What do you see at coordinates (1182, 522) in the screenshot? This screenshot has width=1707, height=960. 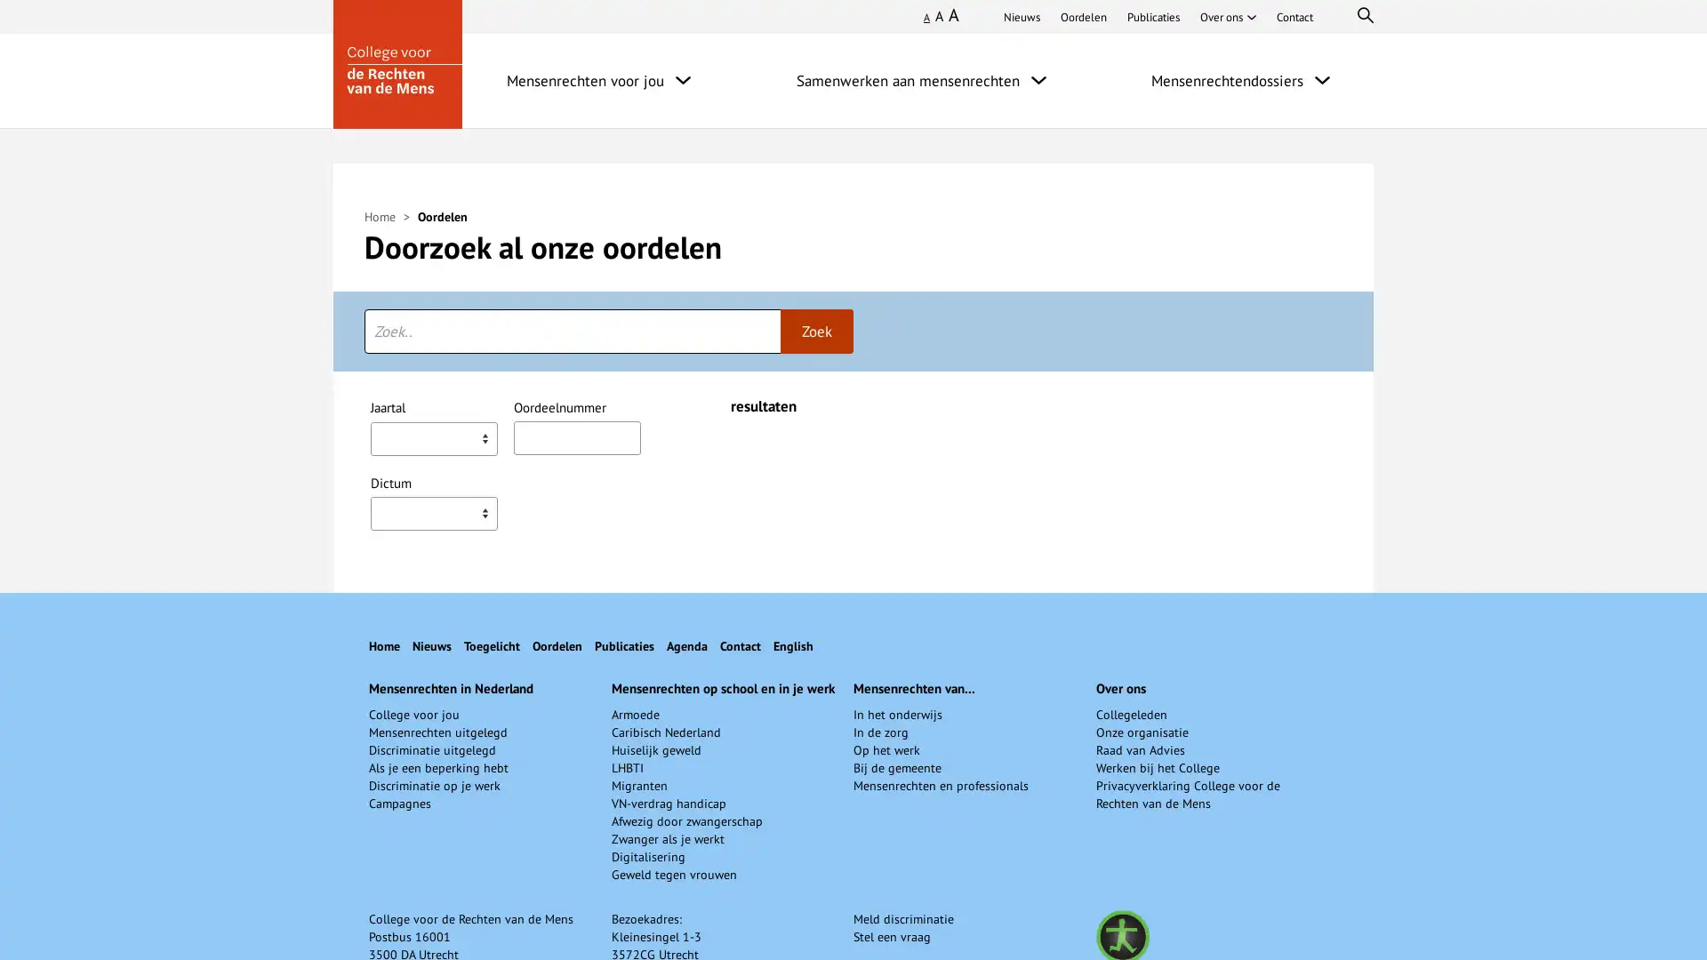 I see `Discriminatie op de werkvloer,` at bounding box center [1182, 522].